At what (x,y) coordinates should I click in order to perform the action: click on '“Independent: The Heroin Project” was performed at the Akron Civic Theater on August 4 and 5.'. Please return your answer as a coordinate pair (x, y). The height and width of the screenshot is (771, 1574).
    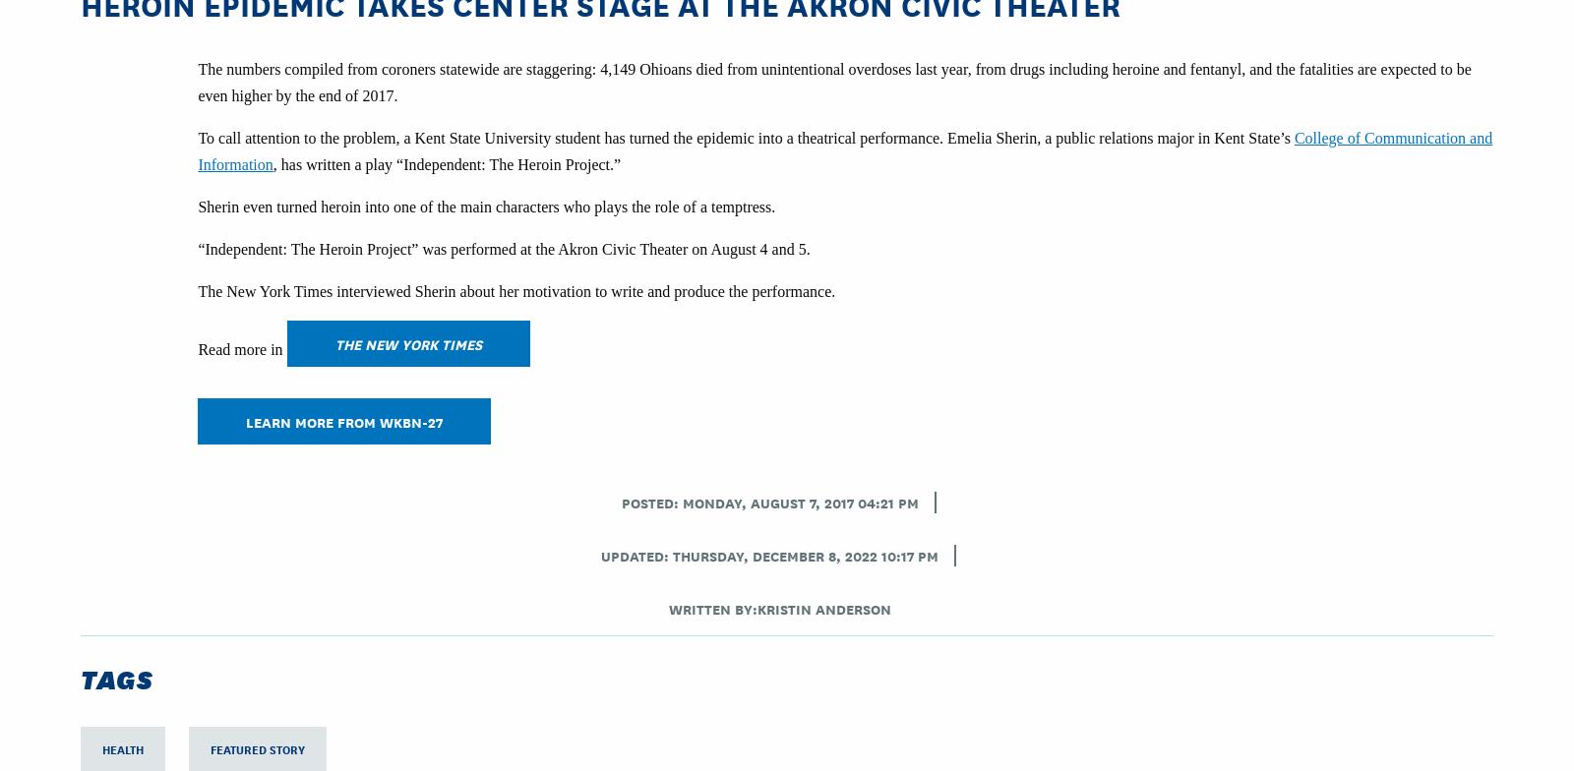
    Looking at the image, I should click on (196, 249).